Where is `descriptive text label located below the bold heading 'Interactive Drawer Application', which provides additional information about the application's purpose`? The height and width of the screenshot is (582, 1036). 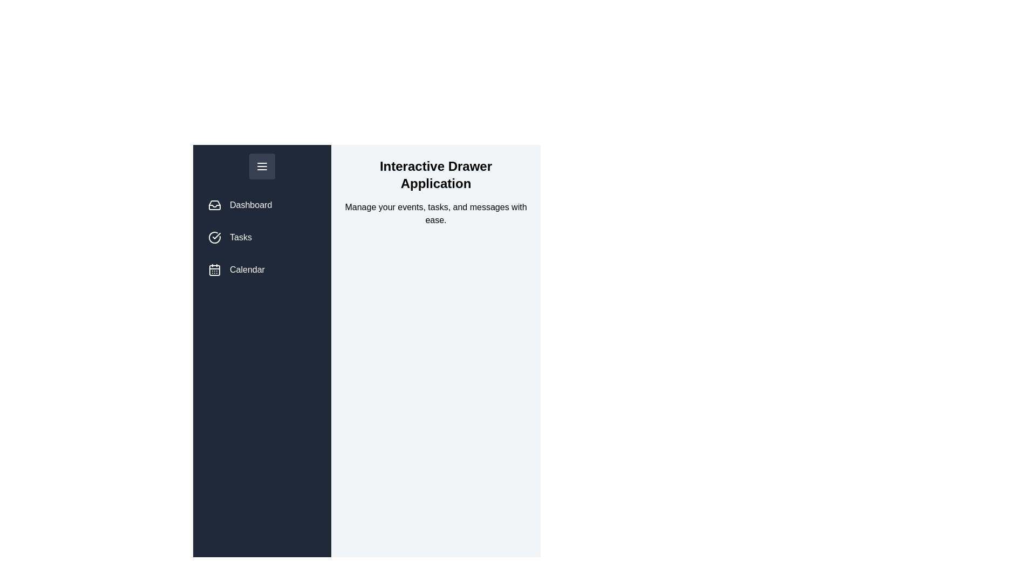
descriptive text label located below the bold heading 'Interactive Drawer Application', which provides additional information about the application's purpose is located at coordinates (435, 214).